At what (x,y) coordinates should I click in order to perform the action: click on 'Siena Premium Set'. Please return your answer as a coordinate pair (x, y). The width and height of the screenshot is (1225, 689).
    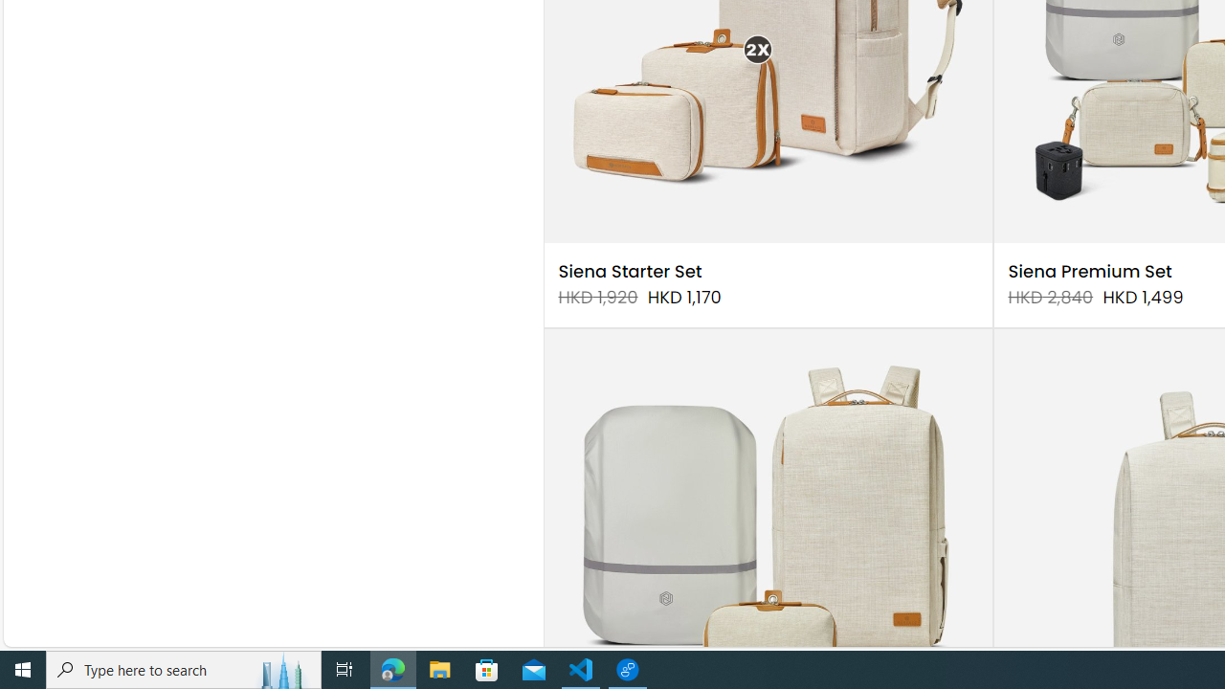
    Looking at the image, I should click on (1090, 272).